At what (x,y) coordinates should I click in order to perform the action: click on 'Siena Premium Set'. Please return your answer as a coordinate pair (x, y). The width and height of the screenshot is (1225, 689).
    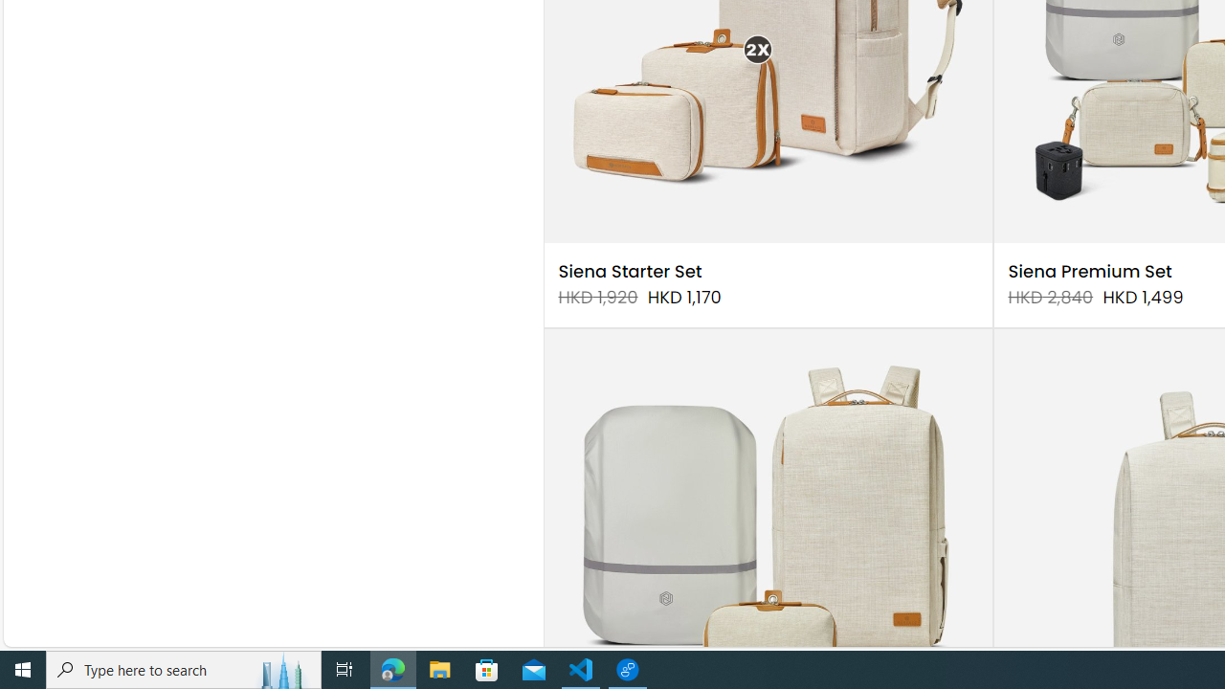
    Looking at the image, I should click on (1090, 272).